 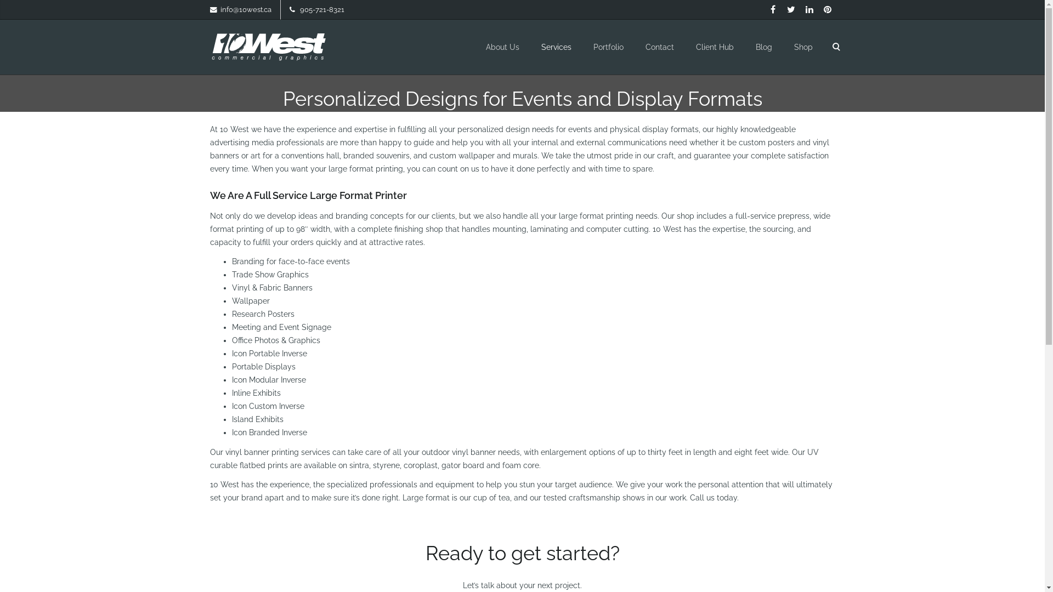 What do you see at coordinates (803, 46) in the screenshot?
I see `'Shop'` at bounding box center [803, 46].